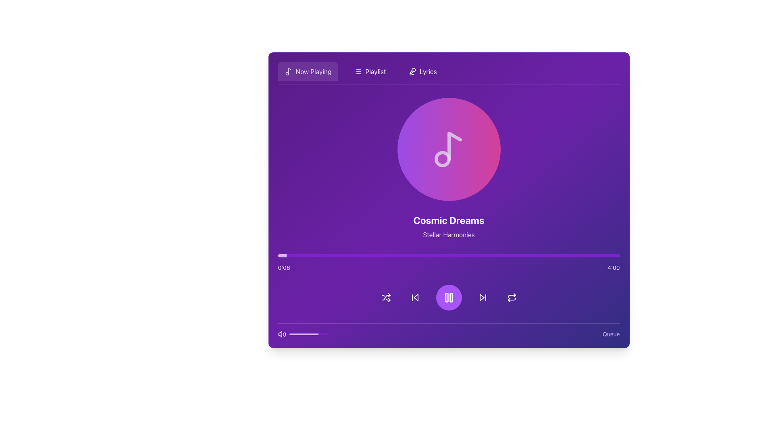 The width and height of the screenshot is (774, 435). I want to click on the fourth button from the left in the horizontal control bar at the bottom center of the interface to skip tracks, so click(483, 298).